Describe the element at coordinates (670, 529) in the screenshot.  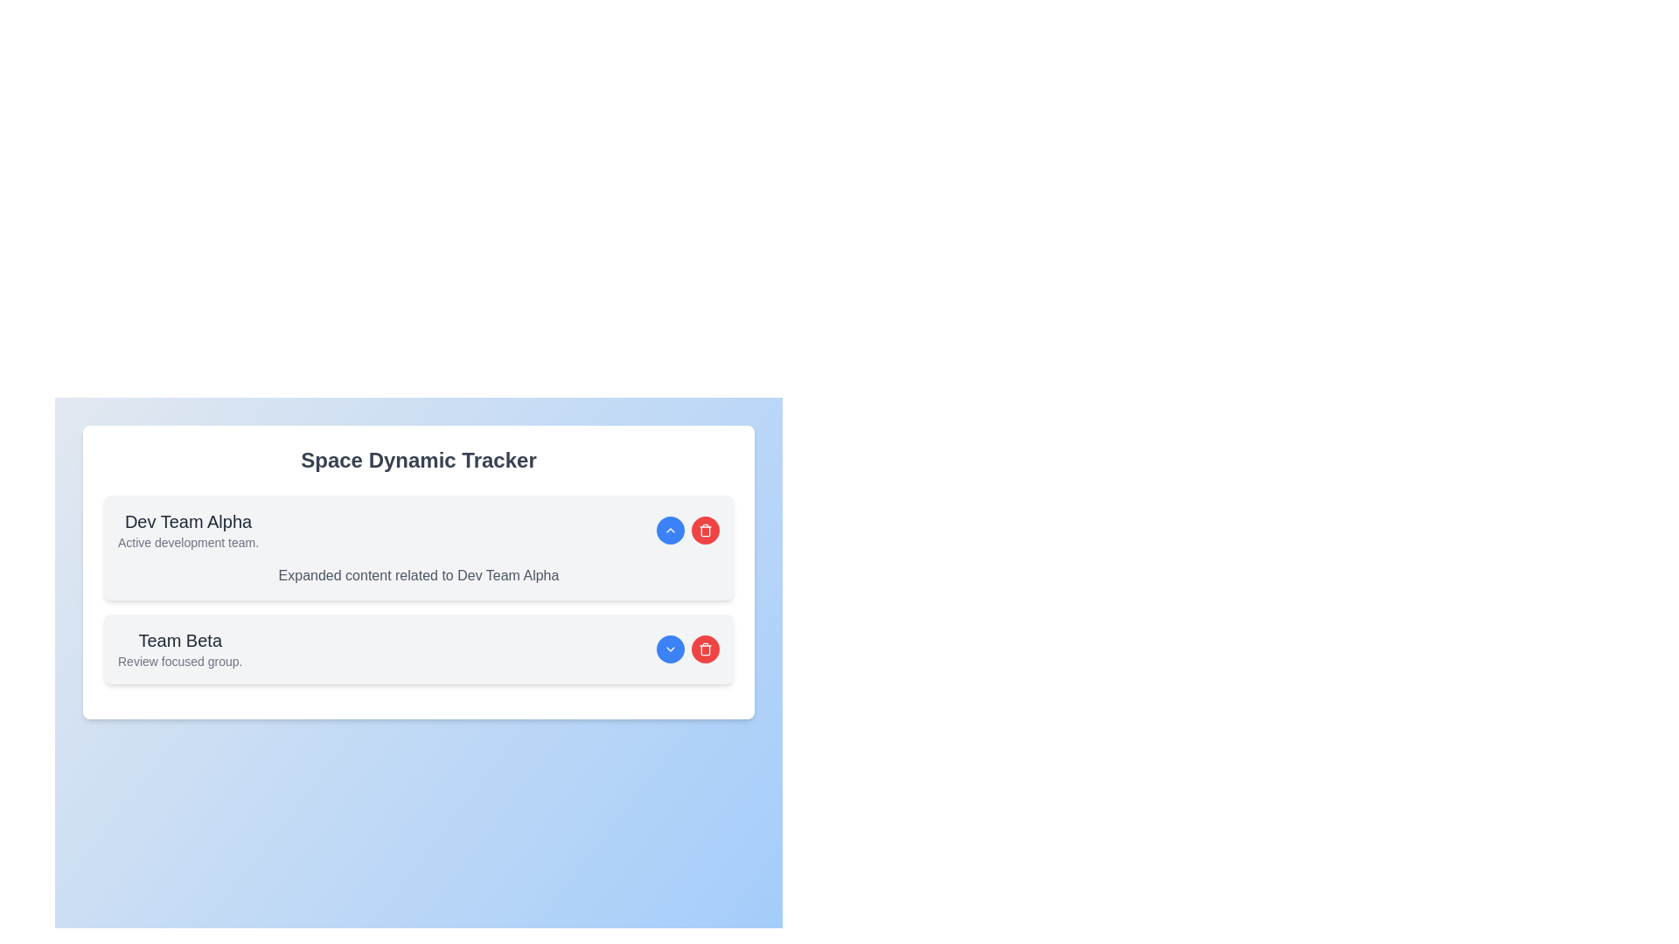
I see `the circular blue button with a white upward-pointing chevron icon, located to the left of a red circular button in the 'Dev Team Alpha' section` at that location.